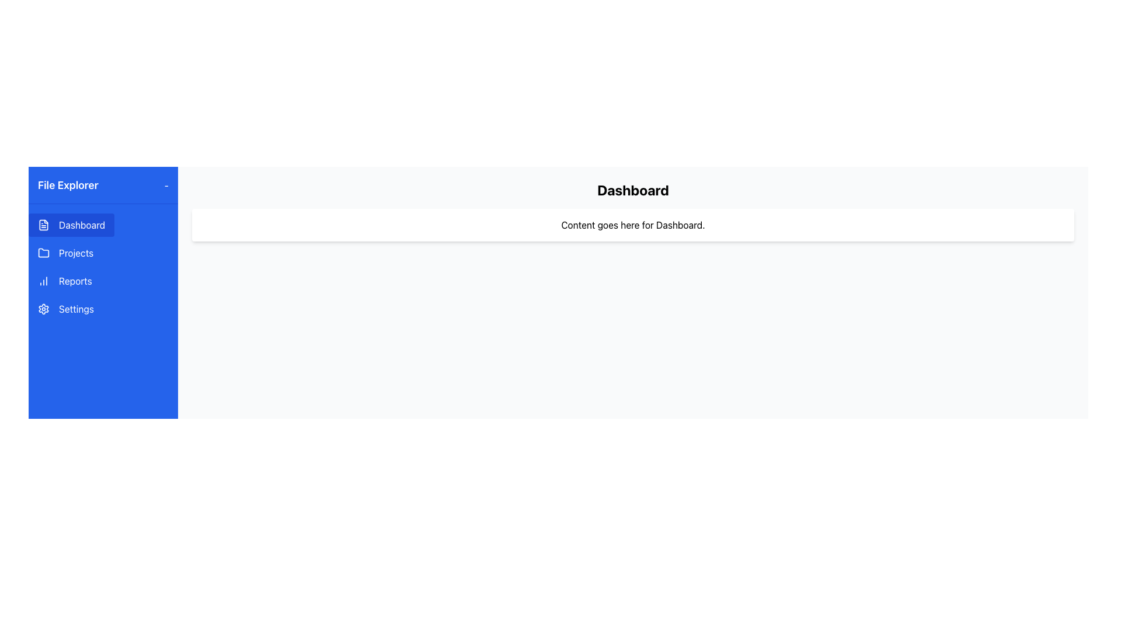 This screenshot has height=630, width=1121. What do you see at coordinates (44, 225) in the screenshot?
I see `the Decorative icon located beside the 'Dashboard' text label in the left navigation bar` at bounding box center [44, 225].